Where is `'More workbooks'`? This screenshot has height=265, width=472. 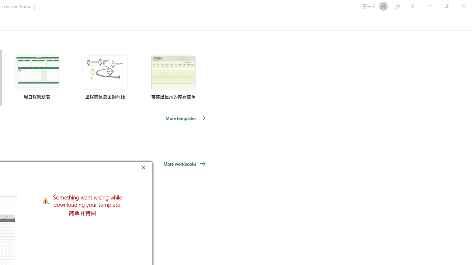 'More workbooks' is located at coordinates (185, 163).